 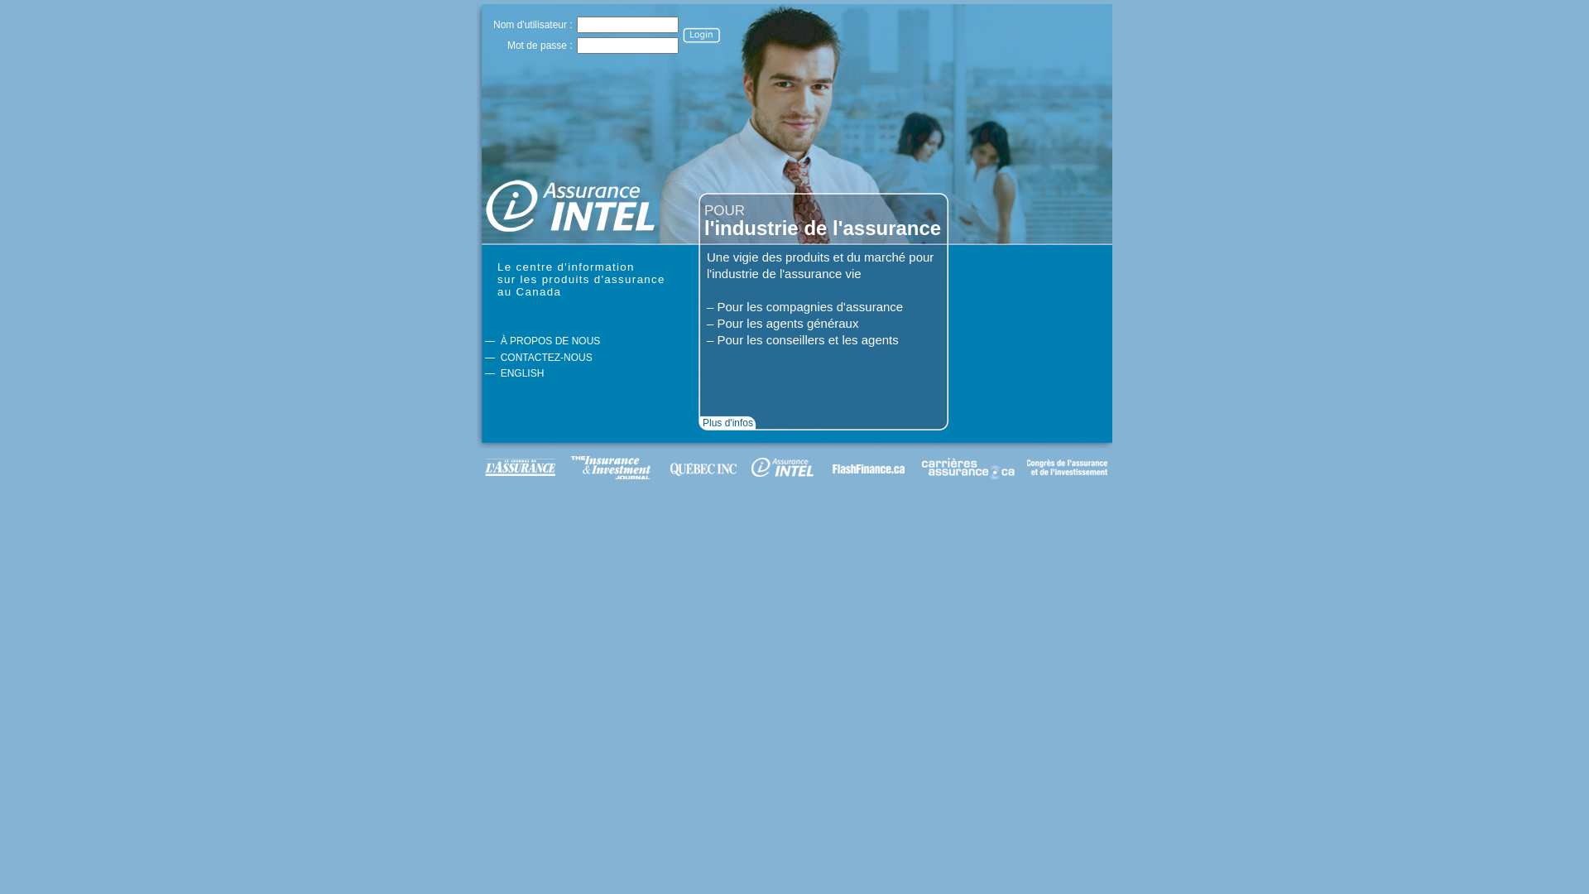 I want to click on 'CONTACTEZ-NOUS', so click(x=499, y=357).